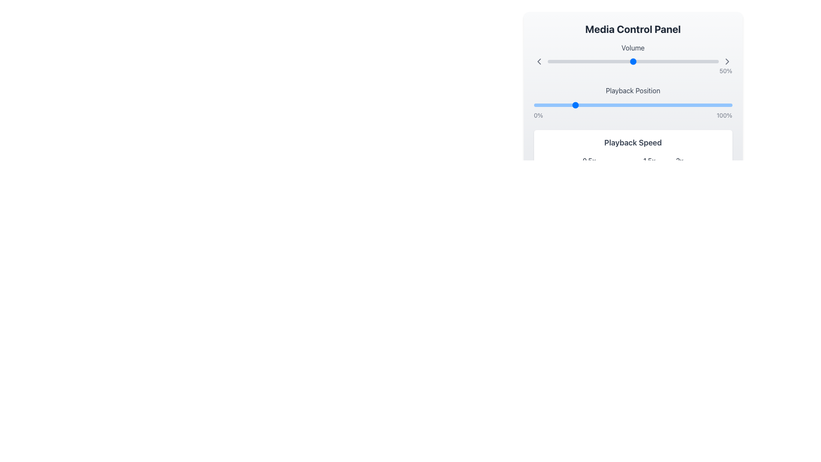 The height and width of the screenshot is (462, 821). What do you see at coordinates (635, 105) in the screenshot?
I see `the playback position` at bounding box center [635, 105].